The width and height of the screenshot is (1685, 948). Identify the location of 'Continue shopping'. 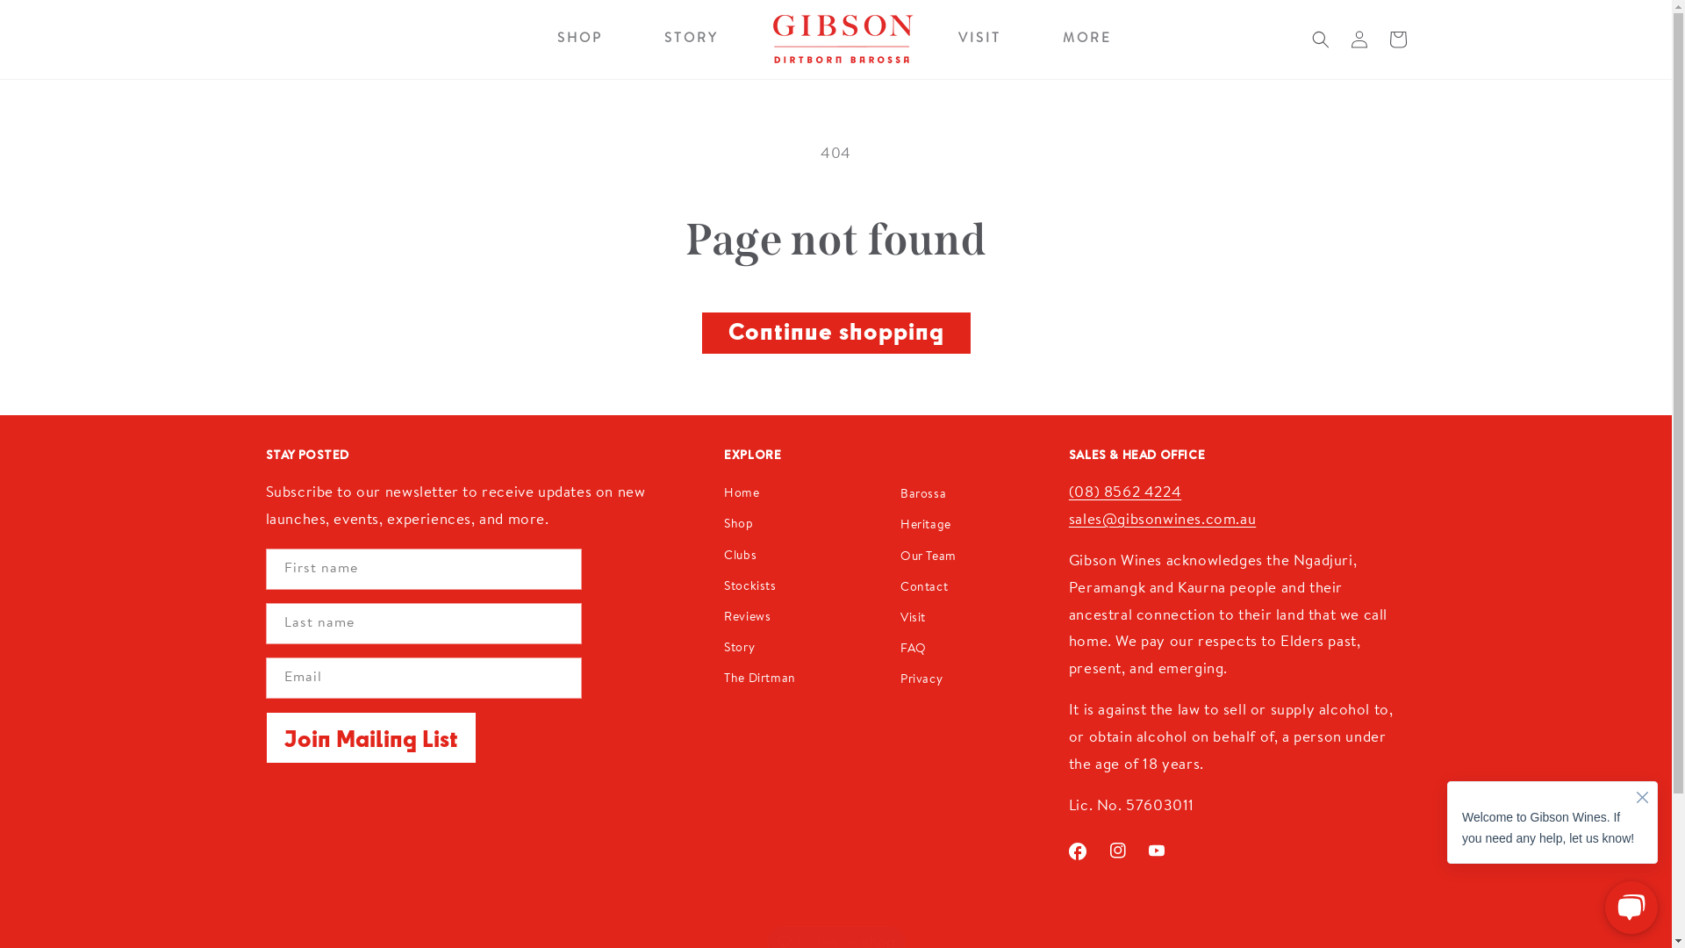
(835, 333).